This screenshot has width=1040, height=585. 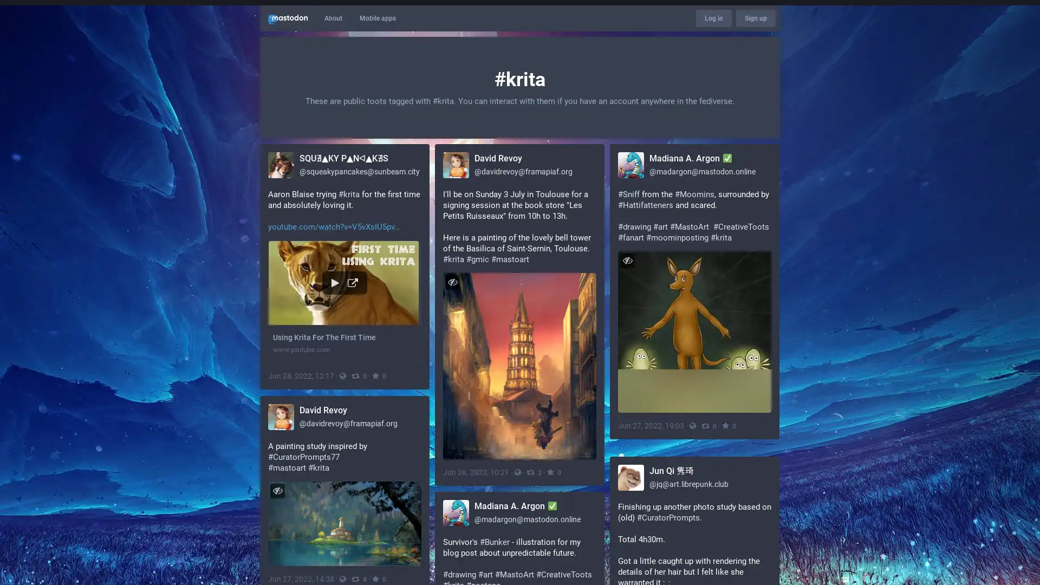 What do you see at coordinates (277, 490) in the screenshot?
I see `Hide image` at bounding box center [277, 490].